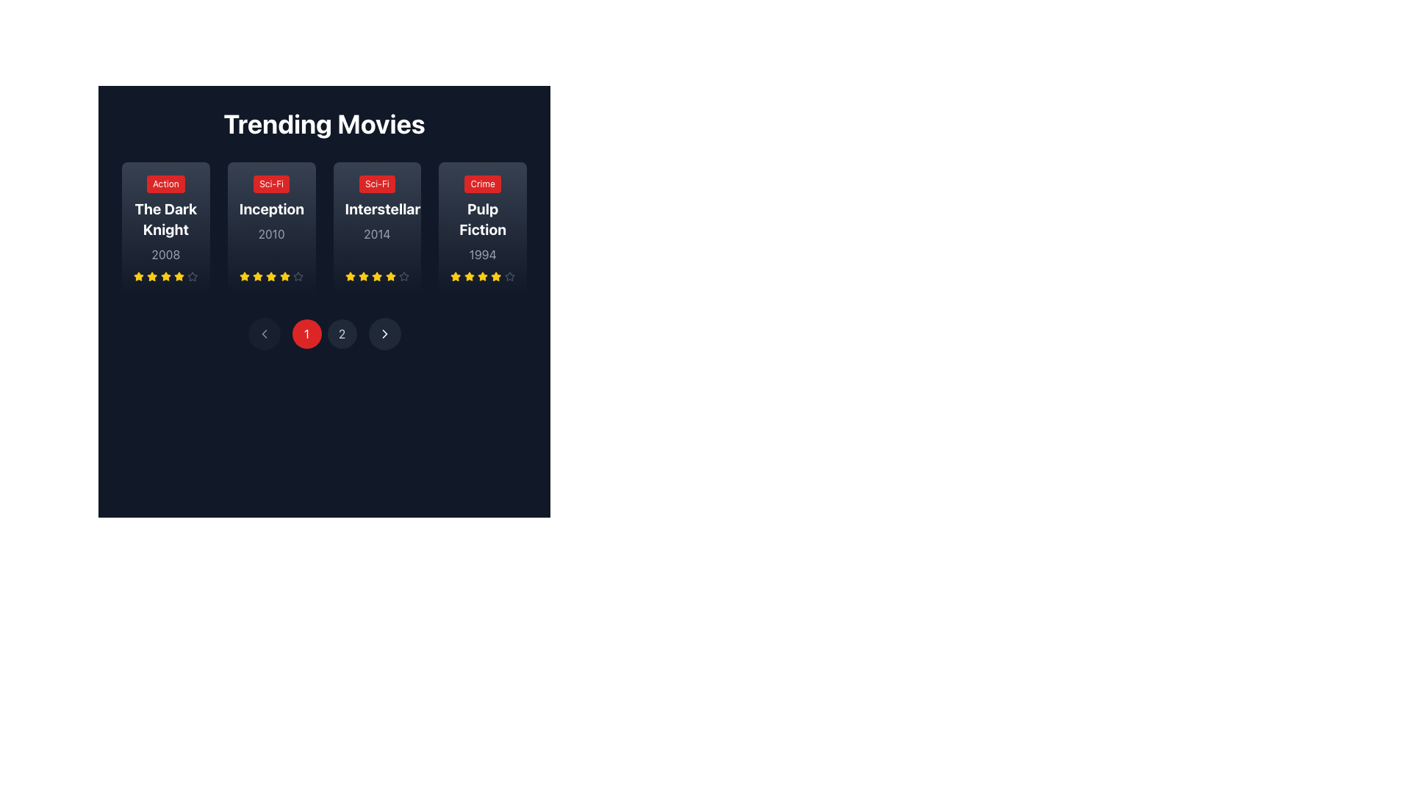 Image resolution: width=1411 pixels, height=793 pixels. Describe the element at coordinates (377, 276) in the screenshot. I see `the rating display component, which is a horizontal row of star icons representing the rating for the movie 'Interstellar', located in the 'Trending Movies' section, directly below the year text '2014'` at that location.